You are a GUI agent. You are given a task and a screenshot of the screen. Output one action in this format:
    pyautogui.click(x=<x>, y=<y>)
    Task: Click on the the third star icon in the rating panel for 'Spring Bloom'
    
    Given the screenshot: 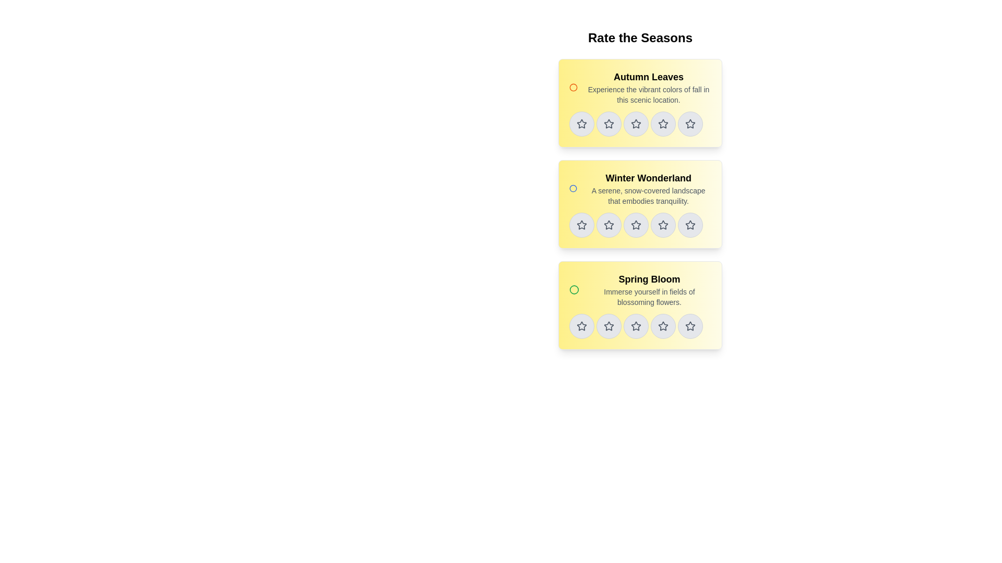 What is the action you would take?
    pyautogui.click(x=609, y=325)
    